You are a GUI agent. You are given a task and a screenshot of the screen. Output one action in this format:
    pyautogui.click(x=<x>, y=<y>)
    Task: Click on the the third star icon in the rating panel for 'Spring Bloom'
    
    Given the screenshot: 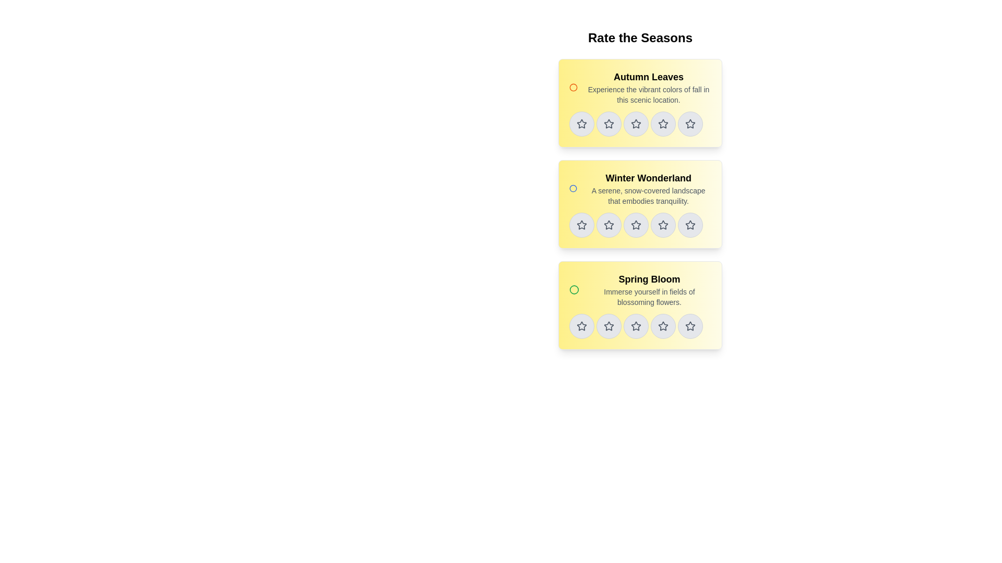 What is the action you would take?
    pyautogui.click(x=609, y=325)
    